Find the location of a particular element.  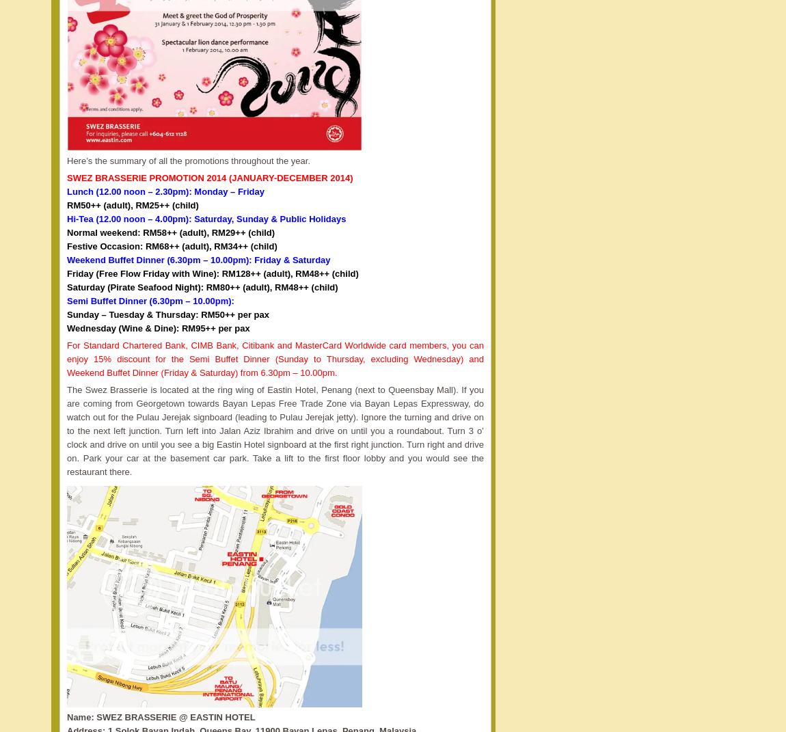

'Name: SWEZ BRASSERIE @ EASTIN HOTEL' is located at coordinates (160, 716).